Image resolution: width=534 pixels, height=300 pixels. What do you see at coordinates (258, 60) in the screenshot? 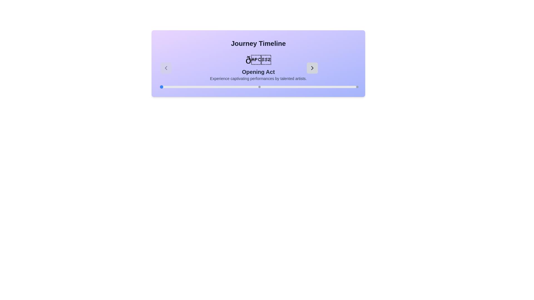
I see `the Decorative Symbol or Icon that displays an emoji or symbolic character, which is prominently sized and bold, located at the top of the section labeled 'Opening Act'` at bounding box center [258, 60].